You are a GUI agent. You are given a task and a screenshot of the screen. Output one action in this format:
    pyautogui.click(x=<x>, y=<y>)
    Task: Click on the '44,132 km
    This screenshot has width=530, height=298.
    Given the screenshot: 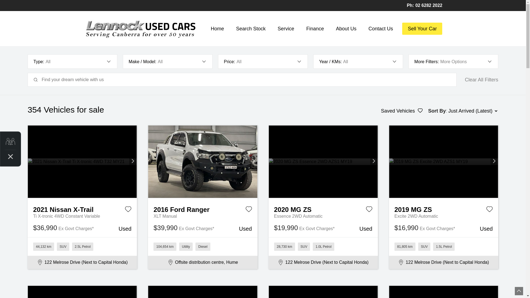 What is the action you would take?
    pyautogui.click(x=82, y=246)
    